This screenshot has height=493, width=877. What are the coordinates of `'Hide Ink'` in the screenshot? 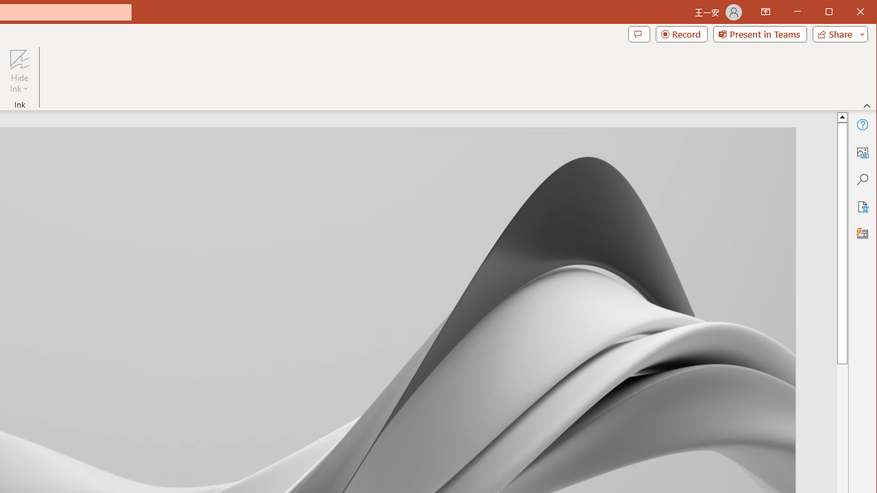 It's located at (19, 71).